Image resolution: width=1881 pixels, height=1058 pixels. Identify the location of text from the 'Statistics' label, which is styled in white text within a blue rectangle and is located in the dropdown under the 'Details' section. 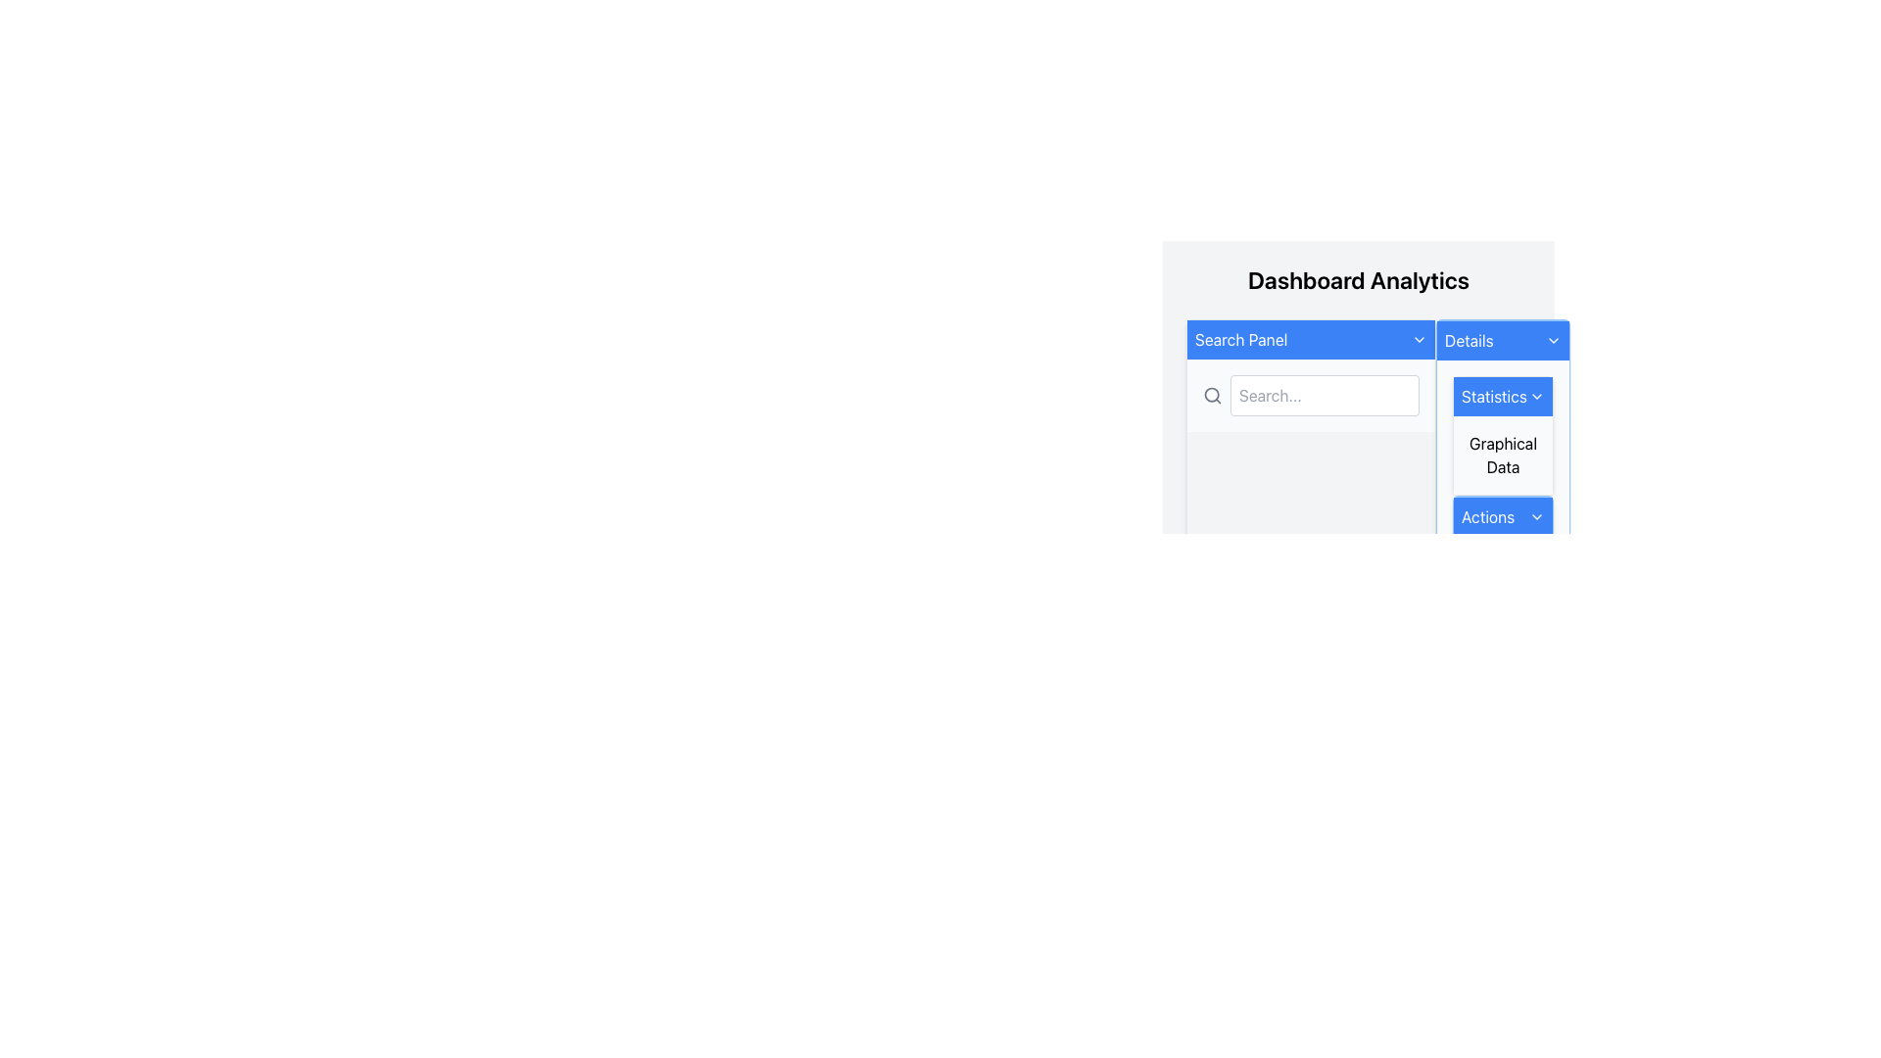
(1493, 397).